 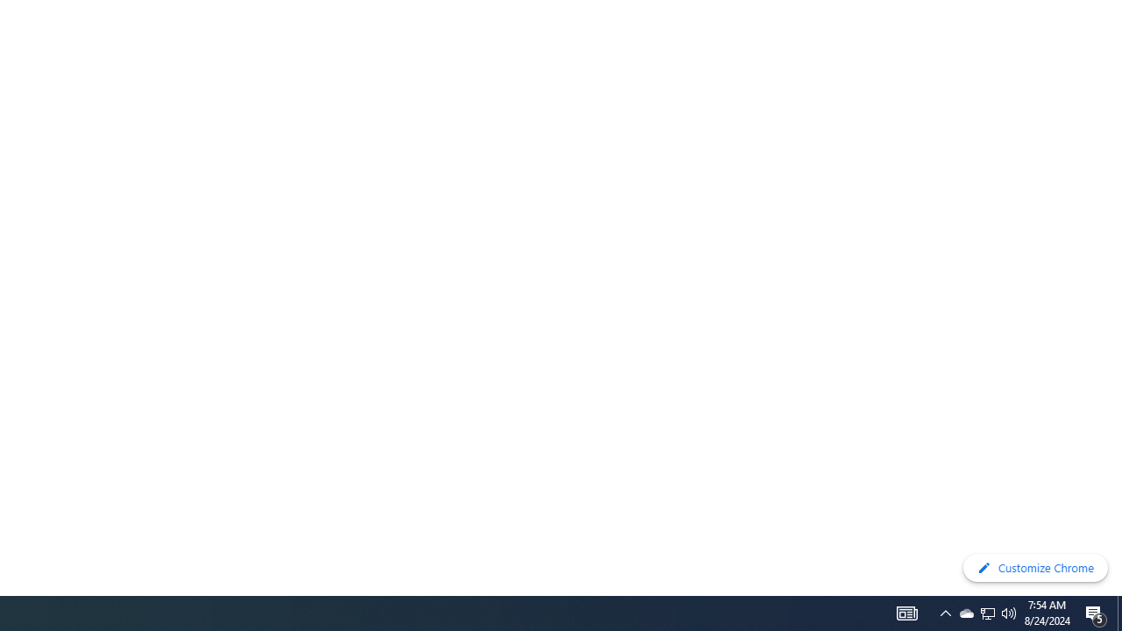 I want to click on 'Customize Chrome', so click(x=1035, y=568).